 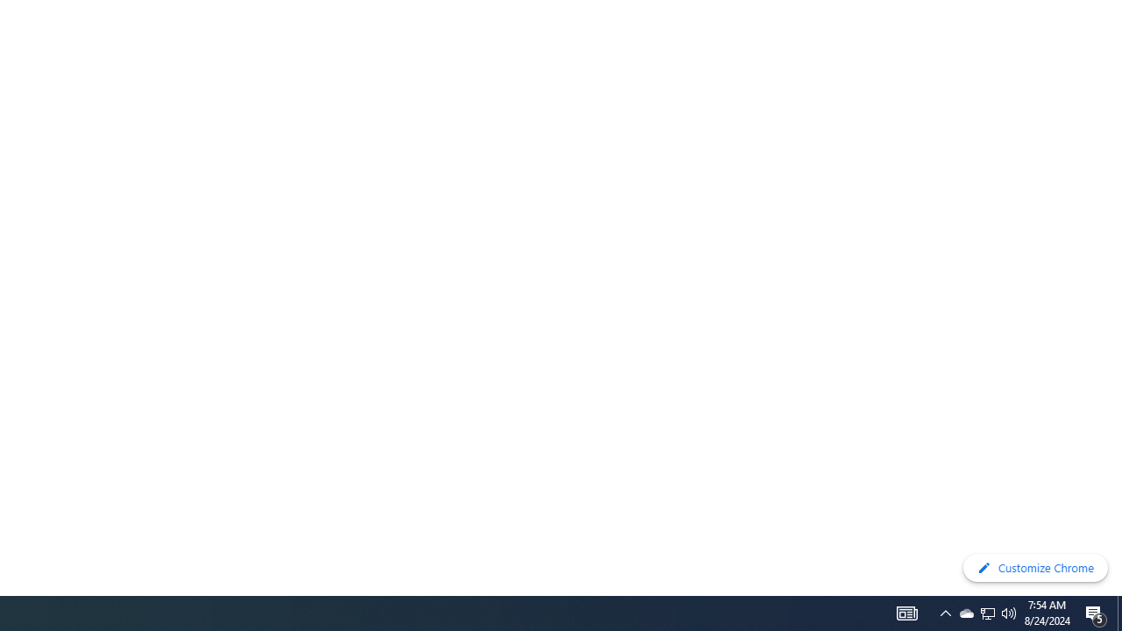 I want to click on 'Customize Chrome', so click(x=1035, y=568).